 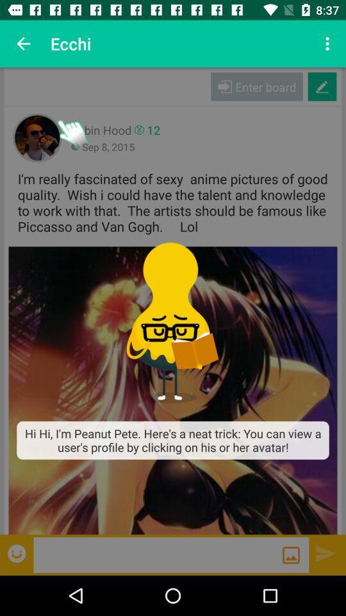 What do you see at coordinates (158, 554) in the screenshot?
I see `search app` at bounding box center [158, 554].